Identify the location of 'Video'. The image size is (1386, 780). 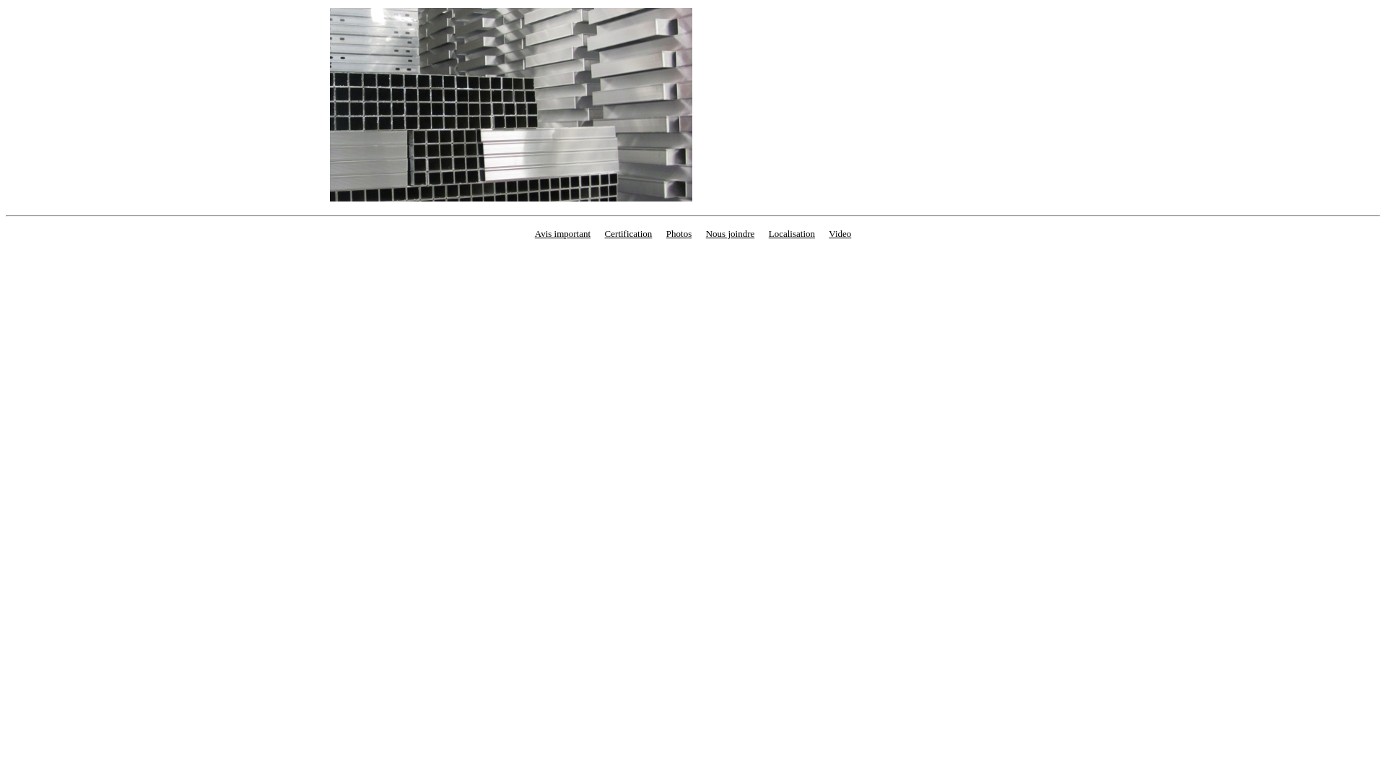
(840, 233).